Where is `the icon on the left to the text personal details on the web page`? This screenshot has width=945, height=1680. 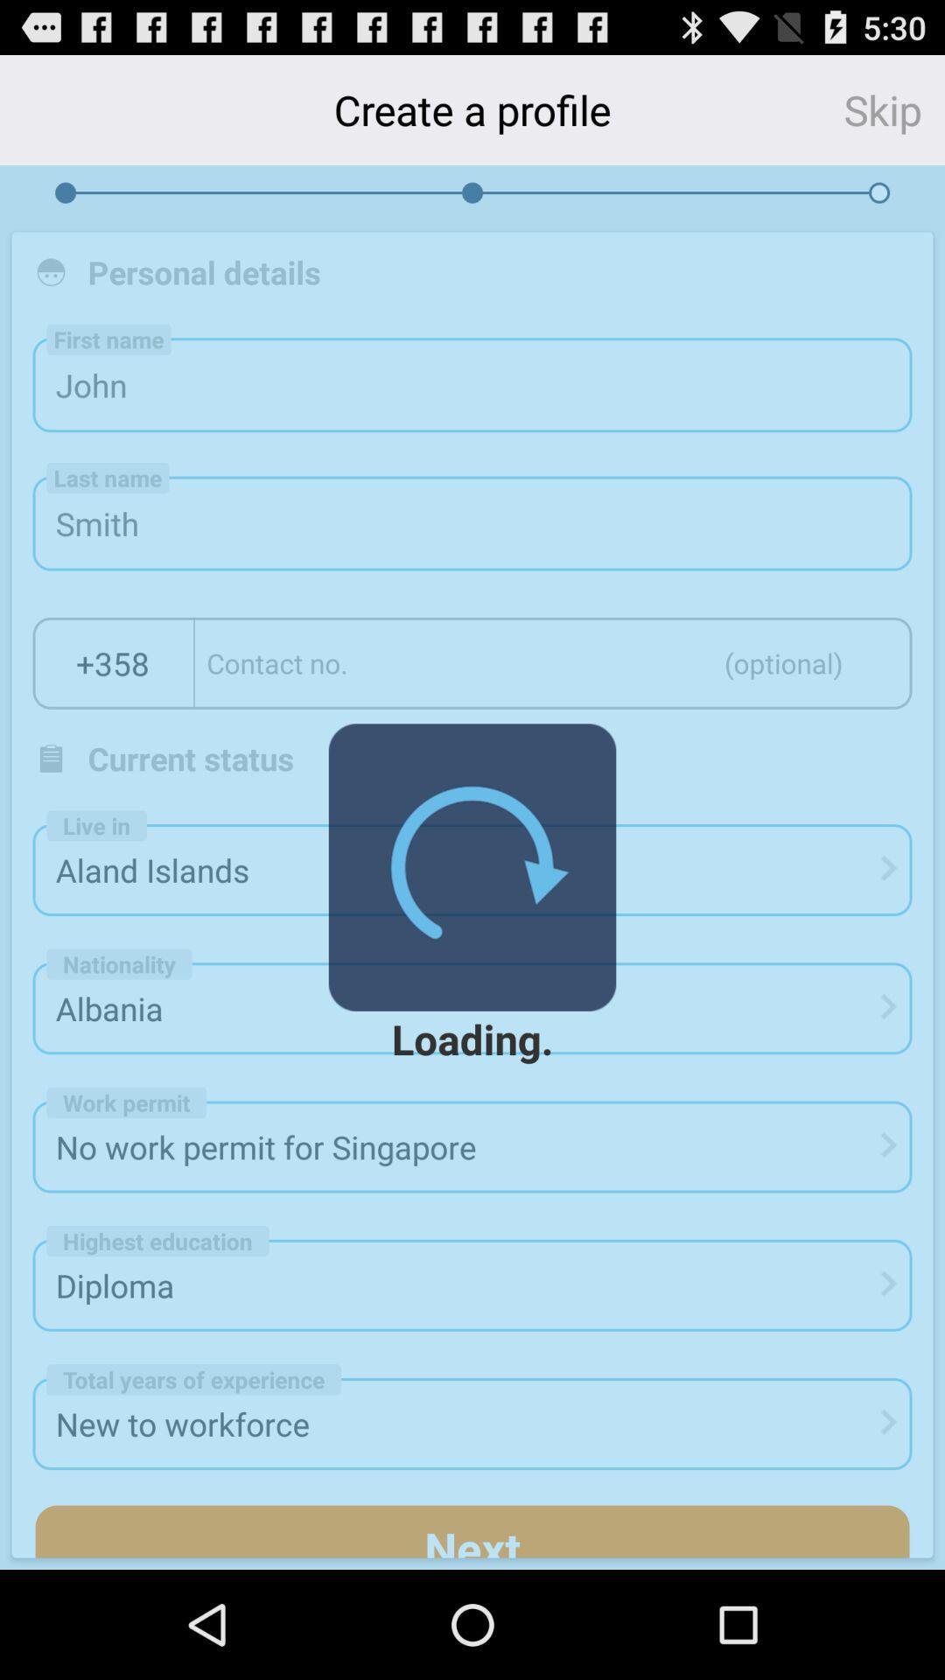
the icon on the left to the text personal details on the web page is located at coordinates (50, 271).